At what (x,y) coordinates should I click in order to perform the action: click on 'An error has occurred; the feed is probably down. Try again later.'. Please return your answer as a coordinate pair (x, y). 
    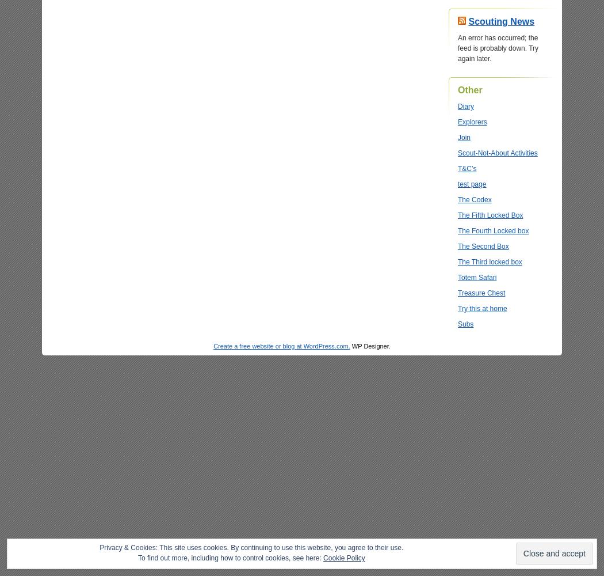
    Looking at the image, I should click on (498, 48).